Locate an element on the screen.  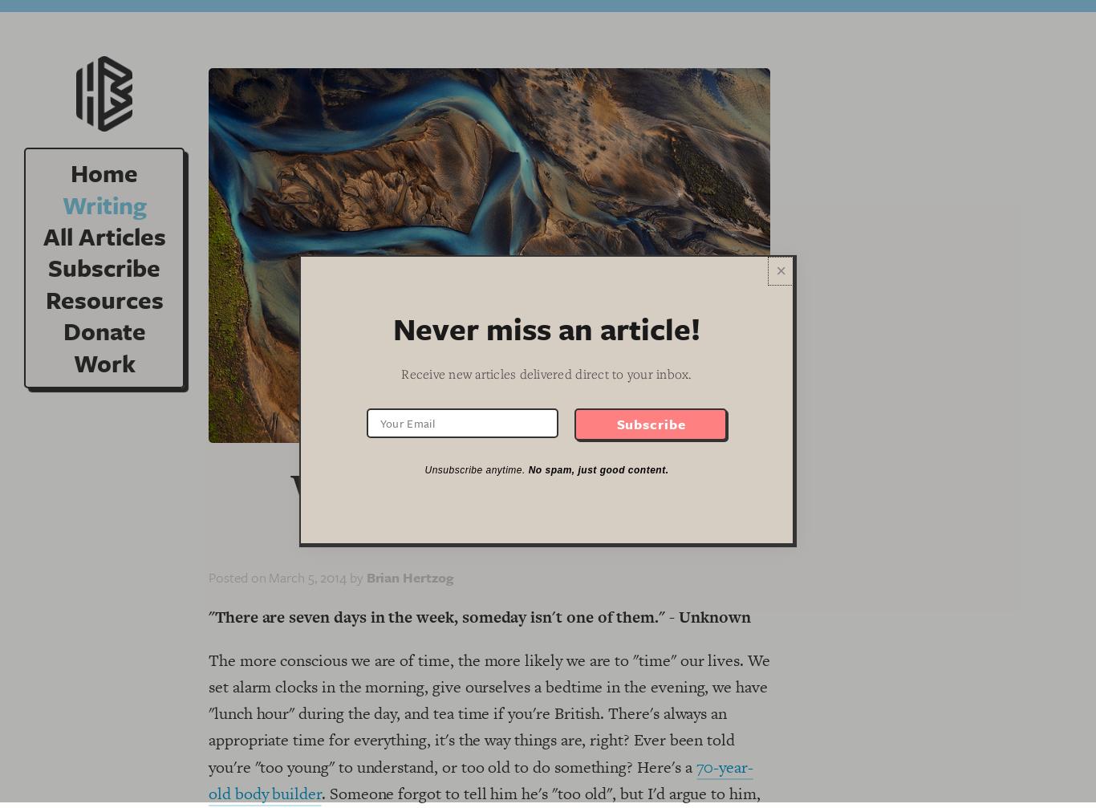
'All Articles' is located at coordinates (103, 236).